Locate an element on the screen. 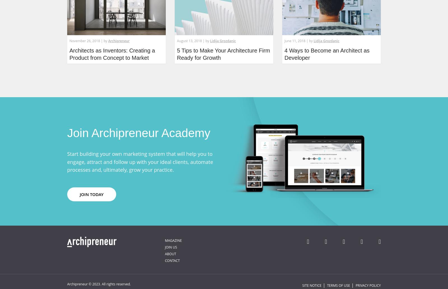 The width and height of the screenshot is (448, 289). 'Start building your own marketing system that will help you to engage, attract and follow up with your ideal clients, automate processes and, ultimately, grow your practice.' is located at coordinates (140, 161).